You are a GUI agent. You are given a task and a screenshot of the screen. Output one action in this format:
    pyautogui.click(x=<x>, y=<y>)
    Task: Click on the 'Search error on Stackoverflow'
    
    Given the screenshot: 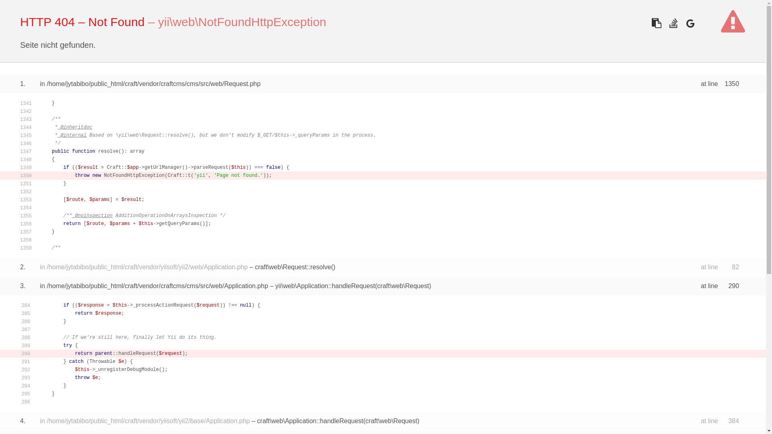 What is the action you would take?
    pyautogui.click(x=673, y=23)
    